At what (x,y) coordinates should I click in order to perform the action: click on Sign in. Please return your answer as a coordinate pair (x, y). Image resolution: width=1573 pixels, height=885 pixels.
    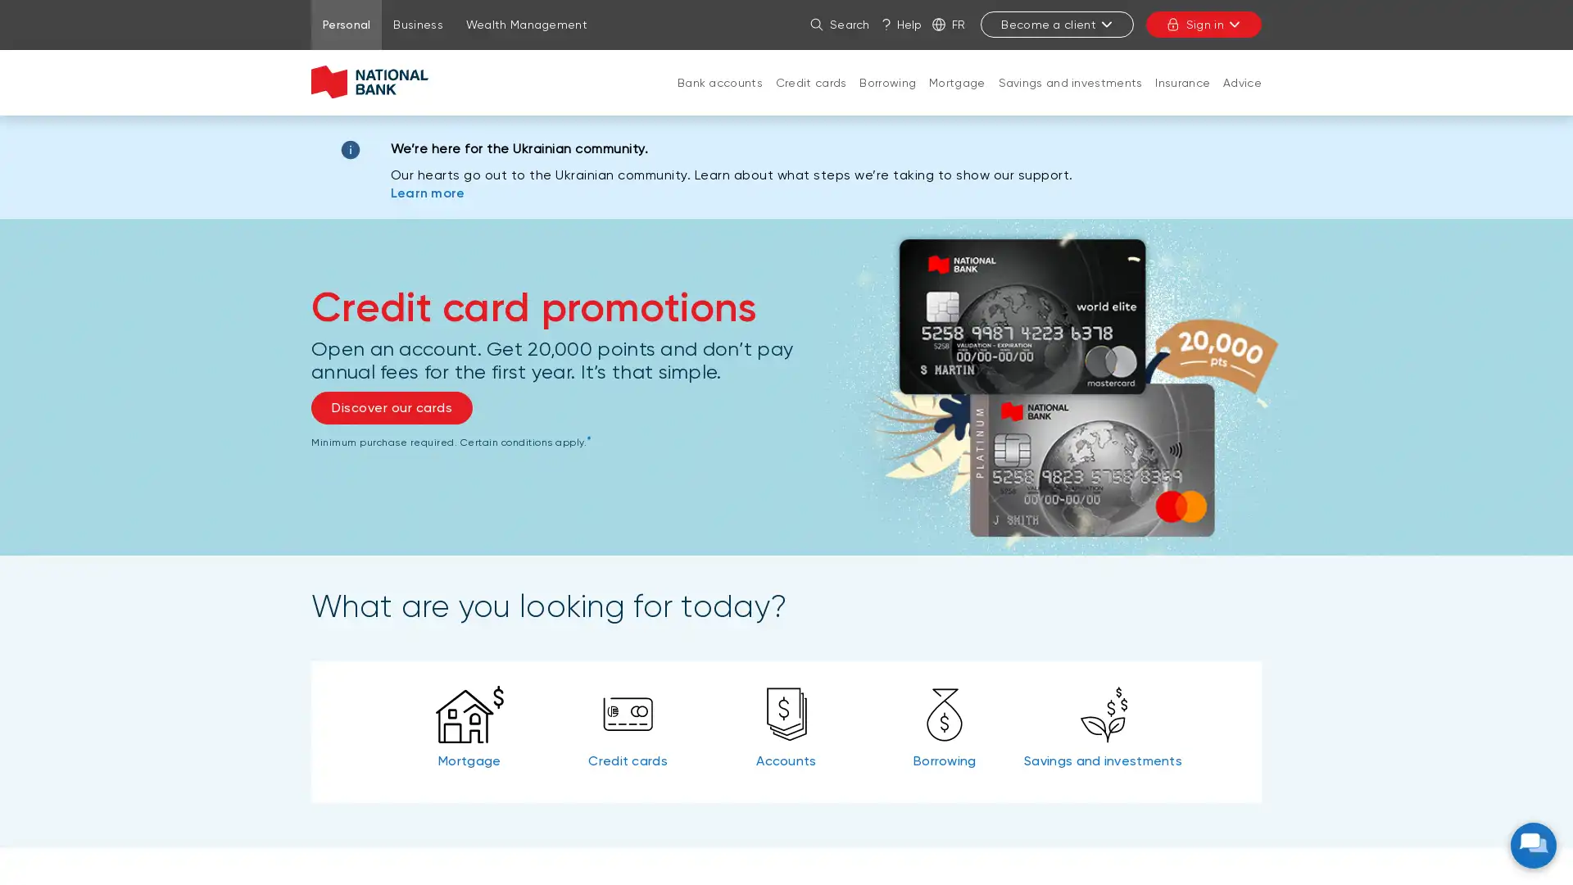
    Looking at the image, I should click on (1203, 24).